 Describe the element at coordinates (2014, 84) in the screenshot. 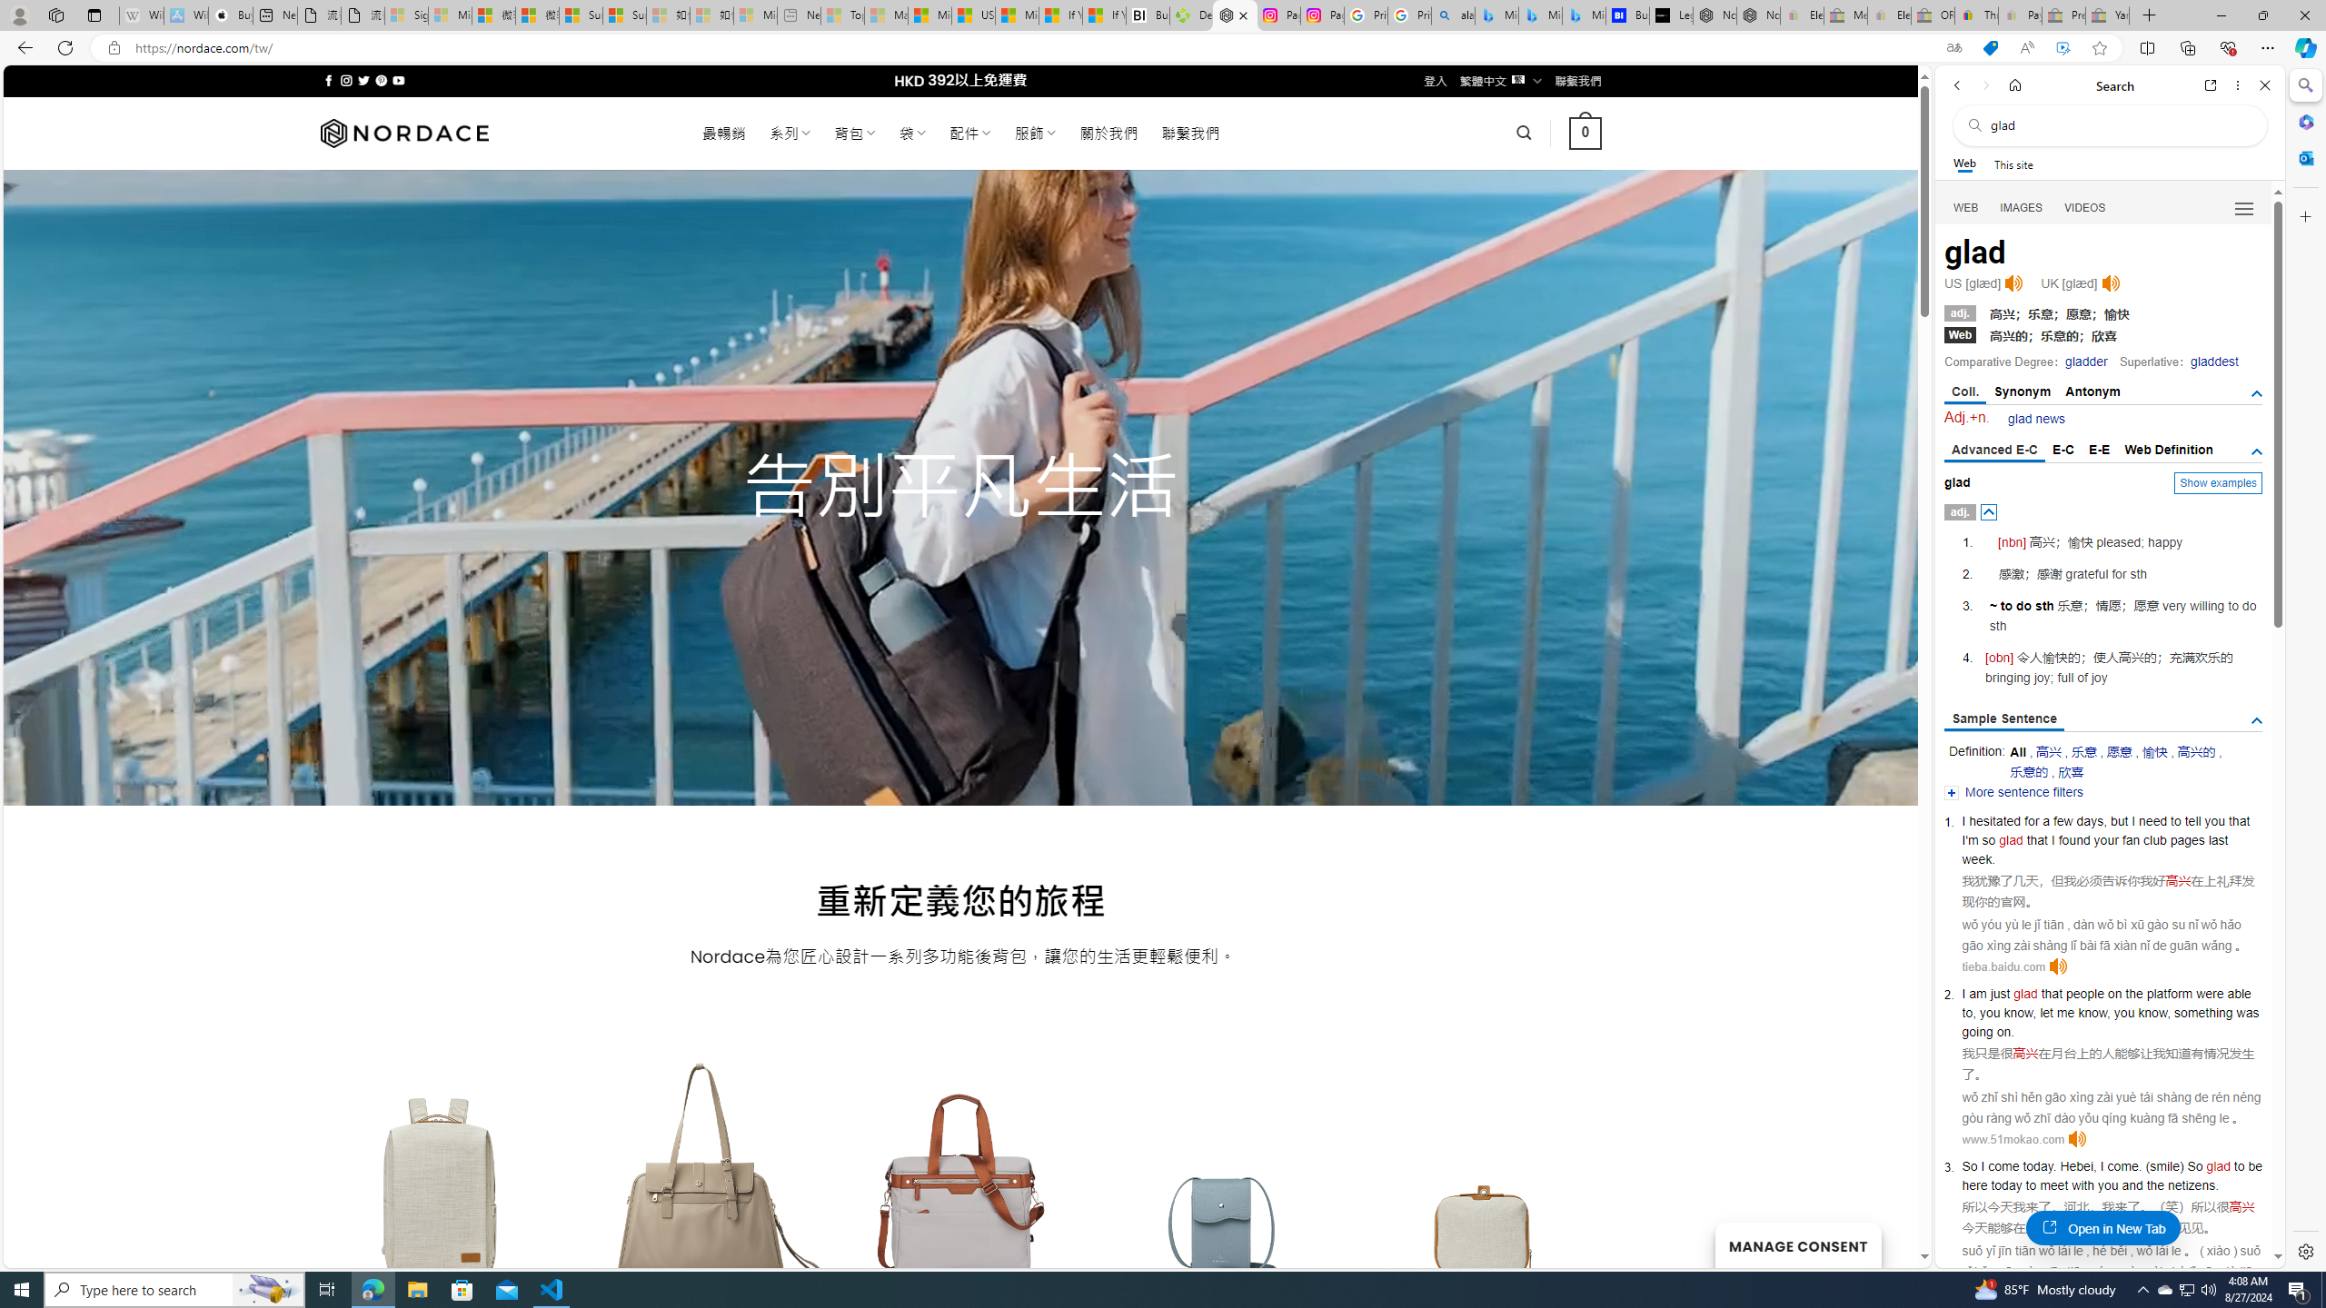

I see `'Home'` at that location.